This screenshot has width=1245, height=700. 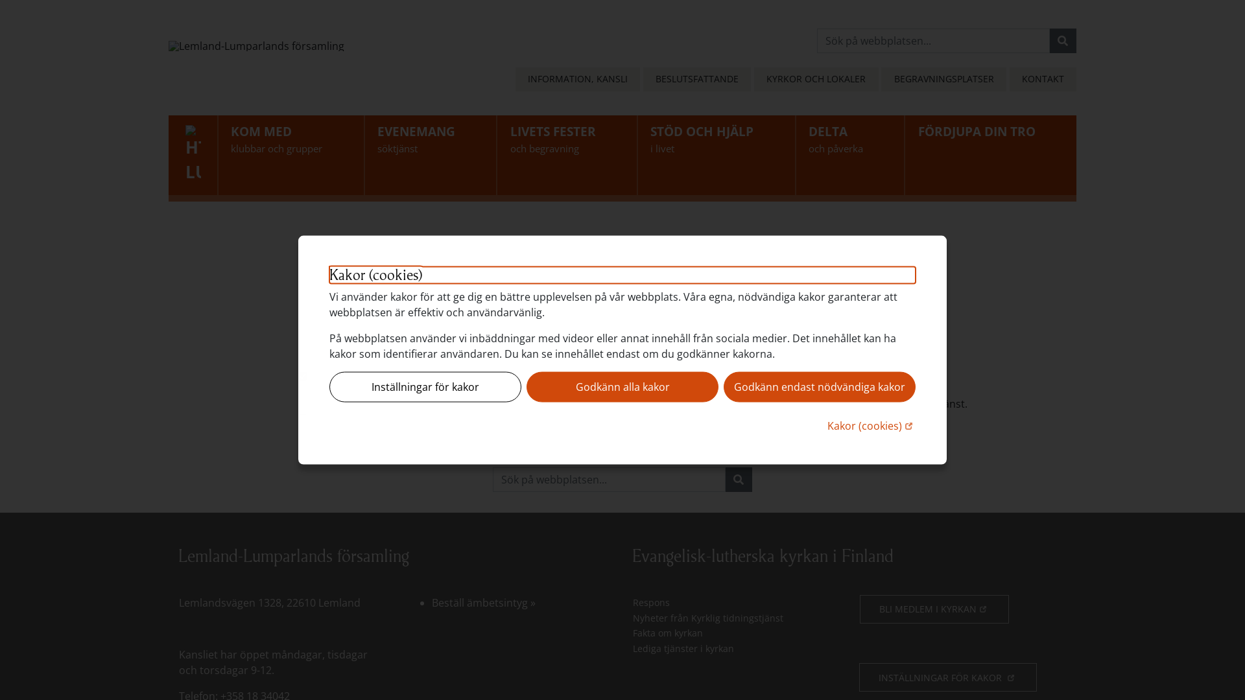 I want to click on 'KONTAKT', so click(x=1043, y=79).